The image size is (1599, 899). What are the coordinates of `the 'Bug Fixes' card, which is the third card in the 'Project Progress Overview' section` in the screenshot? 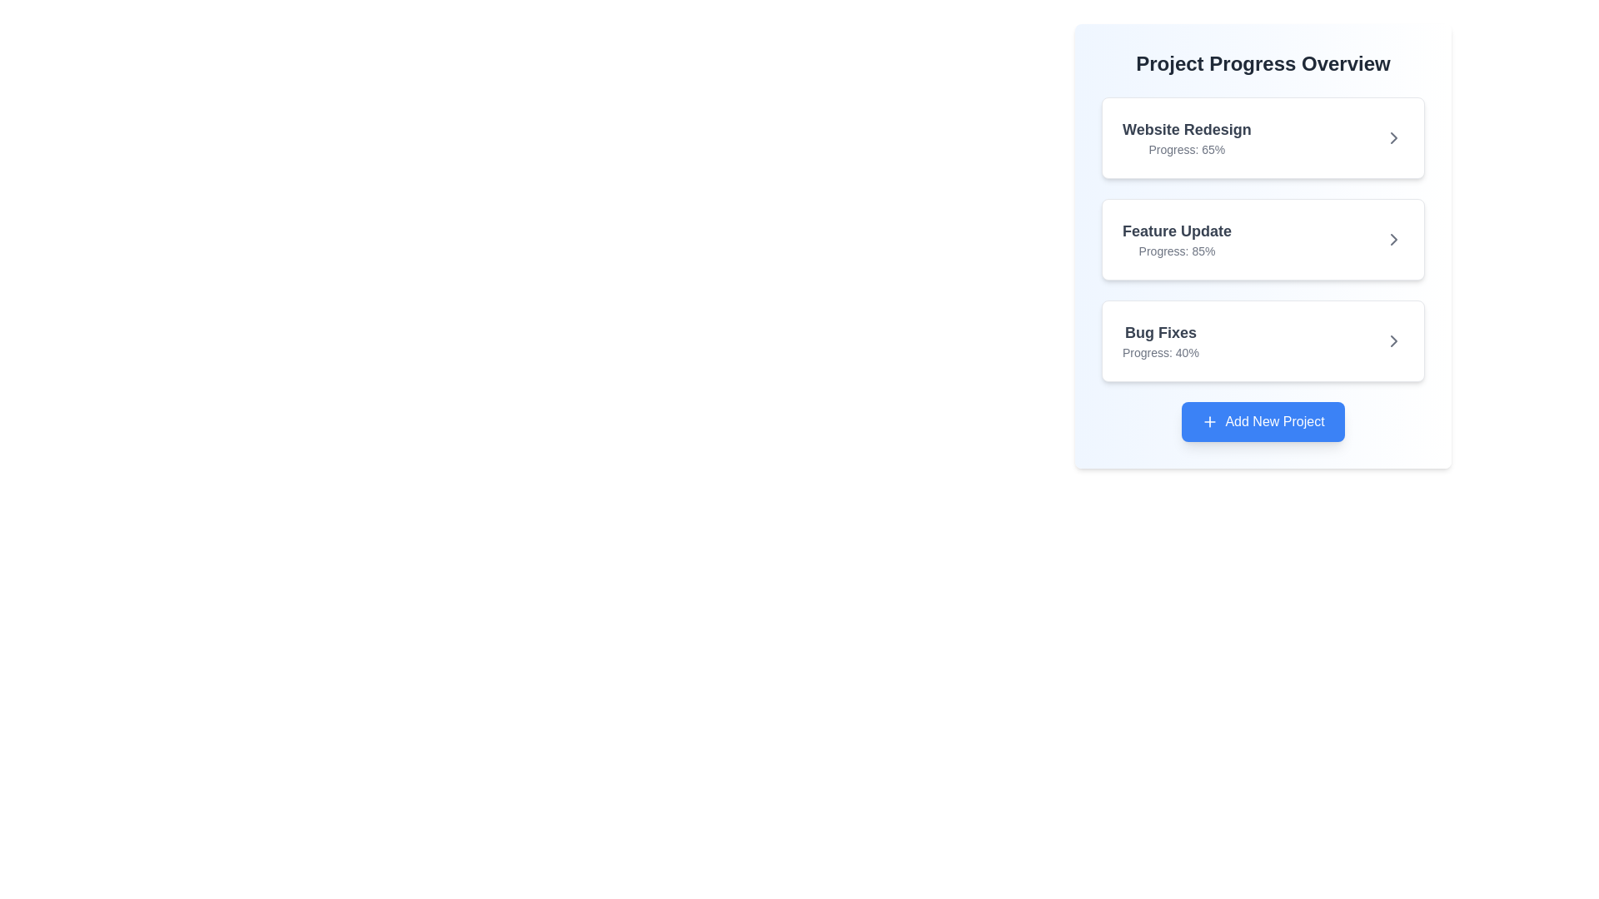 It's located at (1263, 340).